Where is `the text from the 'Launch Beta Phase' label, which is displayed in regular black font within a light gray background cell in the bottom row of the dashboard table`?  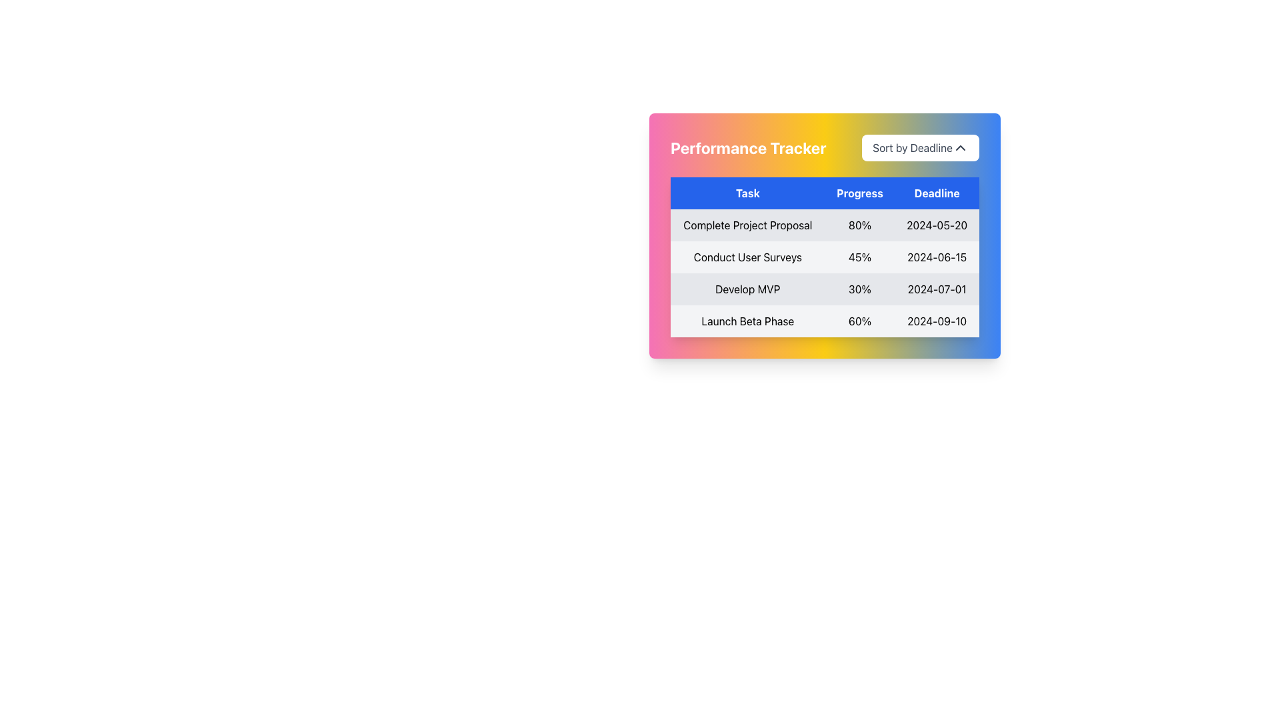
the text from the 'Launch Beta Phase' label, which is displayed in regular black font within a light gray background cell in the bottom row of the dashboard table is located at coordinates (747, 321).